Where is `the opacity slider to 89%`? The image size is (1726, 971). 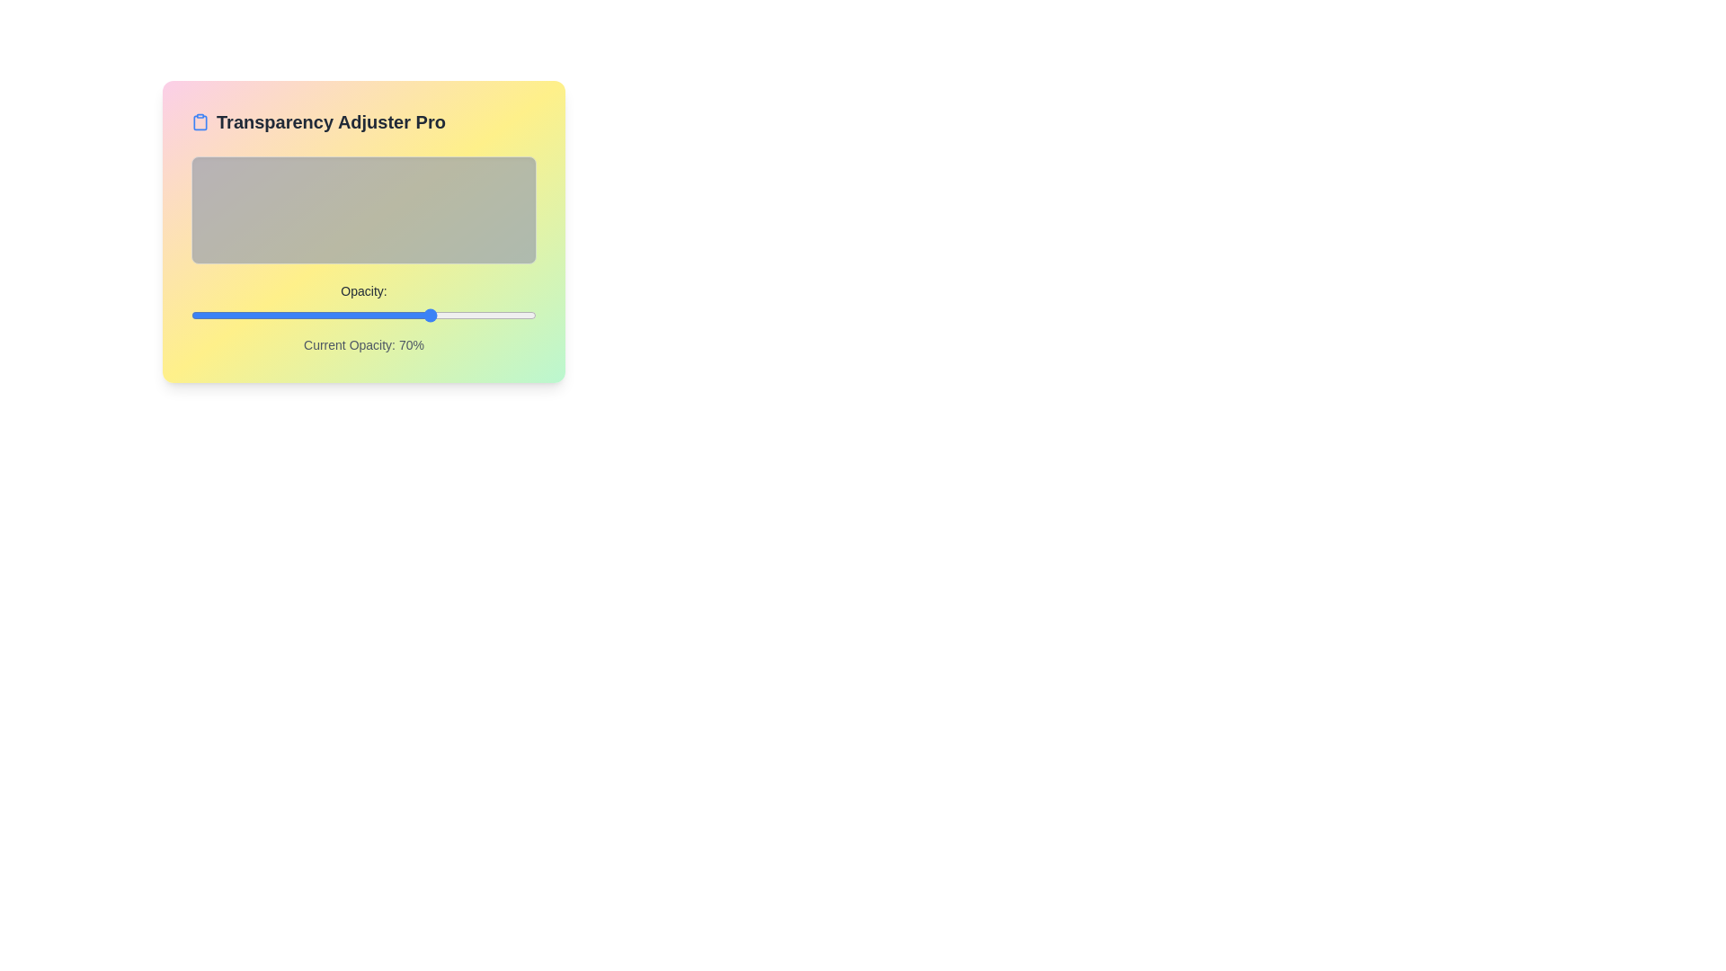
the opacity slider to 89% is located at coordinates (498, 315).